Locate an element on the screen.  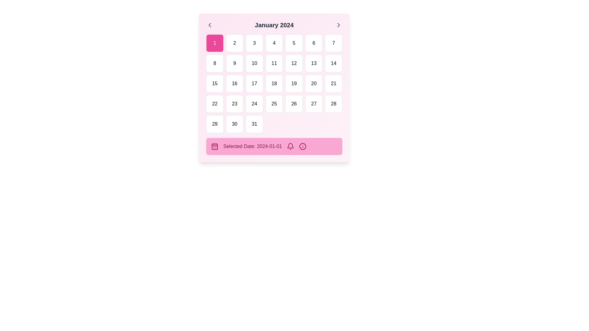
the Text Label displaying 'January 2024', which is centrally located in the header bar of the date selection interface is located at coordinates (274, 25).